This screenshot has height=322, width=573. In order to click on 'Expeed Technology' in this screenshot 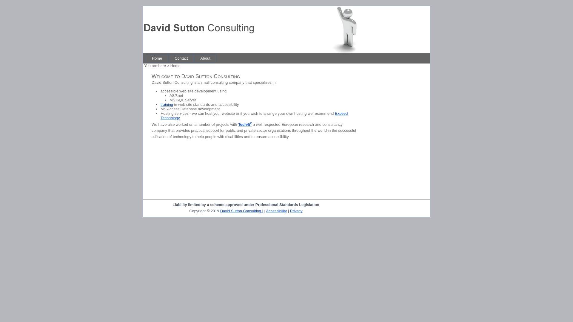, I will do `click(160, 116)`.